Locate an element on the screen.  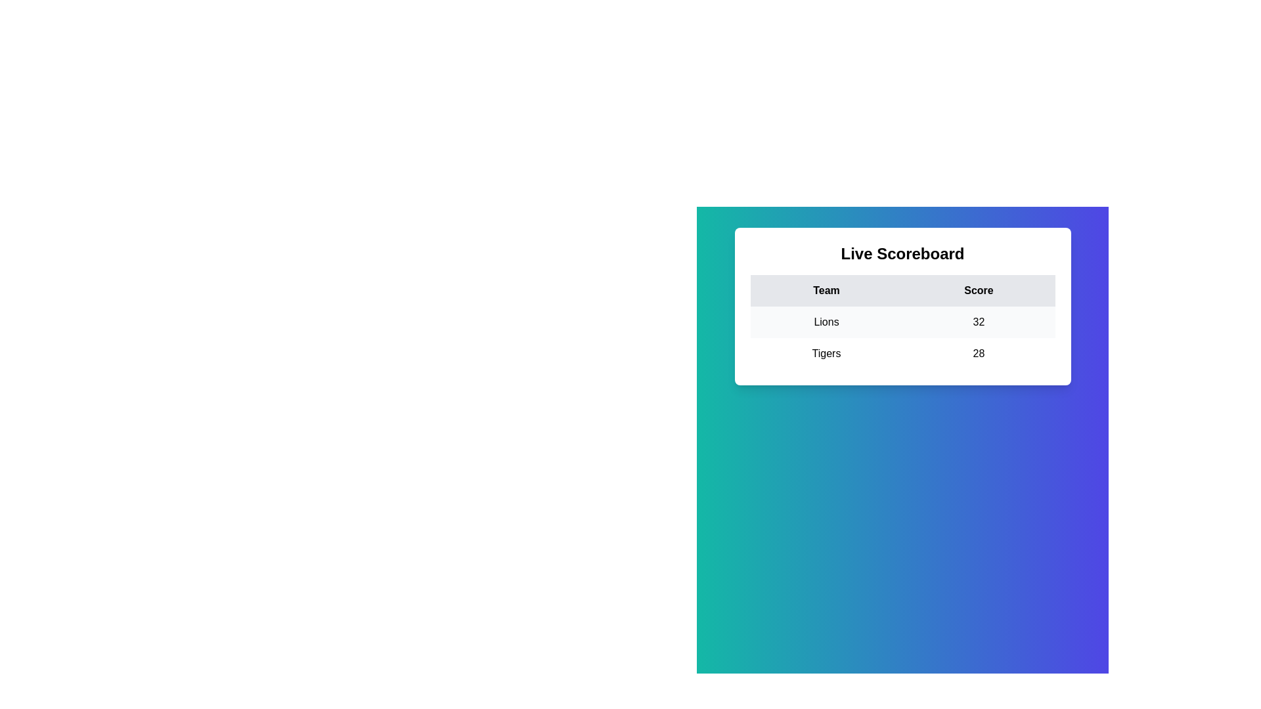
the table displaying team names and scores located below the title 'Live Scoreboard' is located at coordinates (902, 322).